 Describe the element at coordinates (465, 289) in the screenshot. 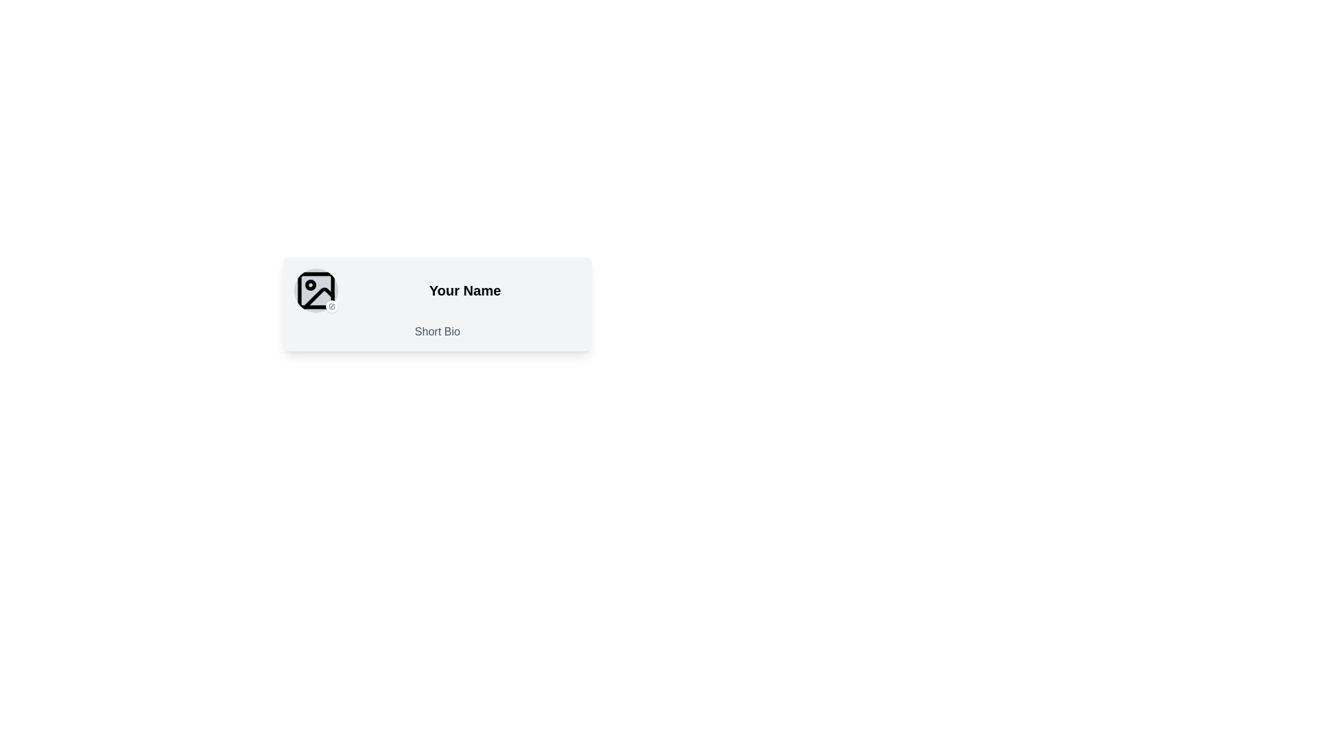

I see `on the 'Your Name' text label, which is bold and centered within its region, part of a profile layout, and located above a smaller text labeled 'Short Bio'` at that location.